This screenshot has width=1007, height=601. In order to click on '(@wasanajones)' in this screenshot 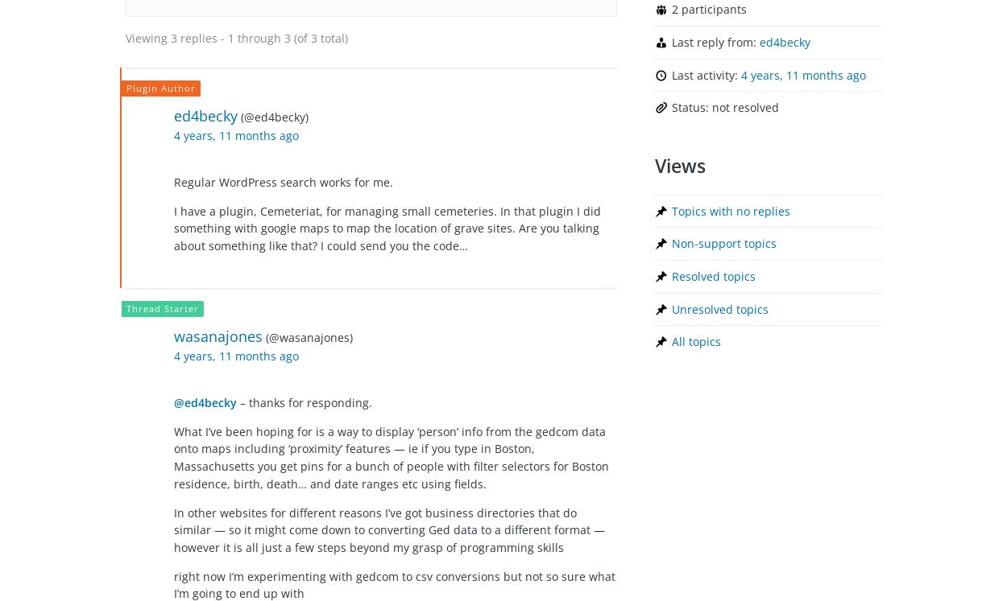, I will do `click(265, 337)`.